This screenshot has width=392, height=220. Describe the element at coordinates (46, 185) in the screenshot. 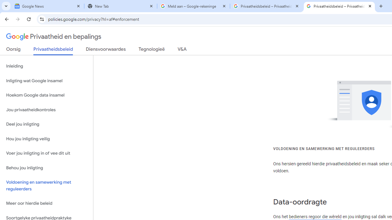

I see `'Voldoening en samewerking met reguleerders'` at that location.